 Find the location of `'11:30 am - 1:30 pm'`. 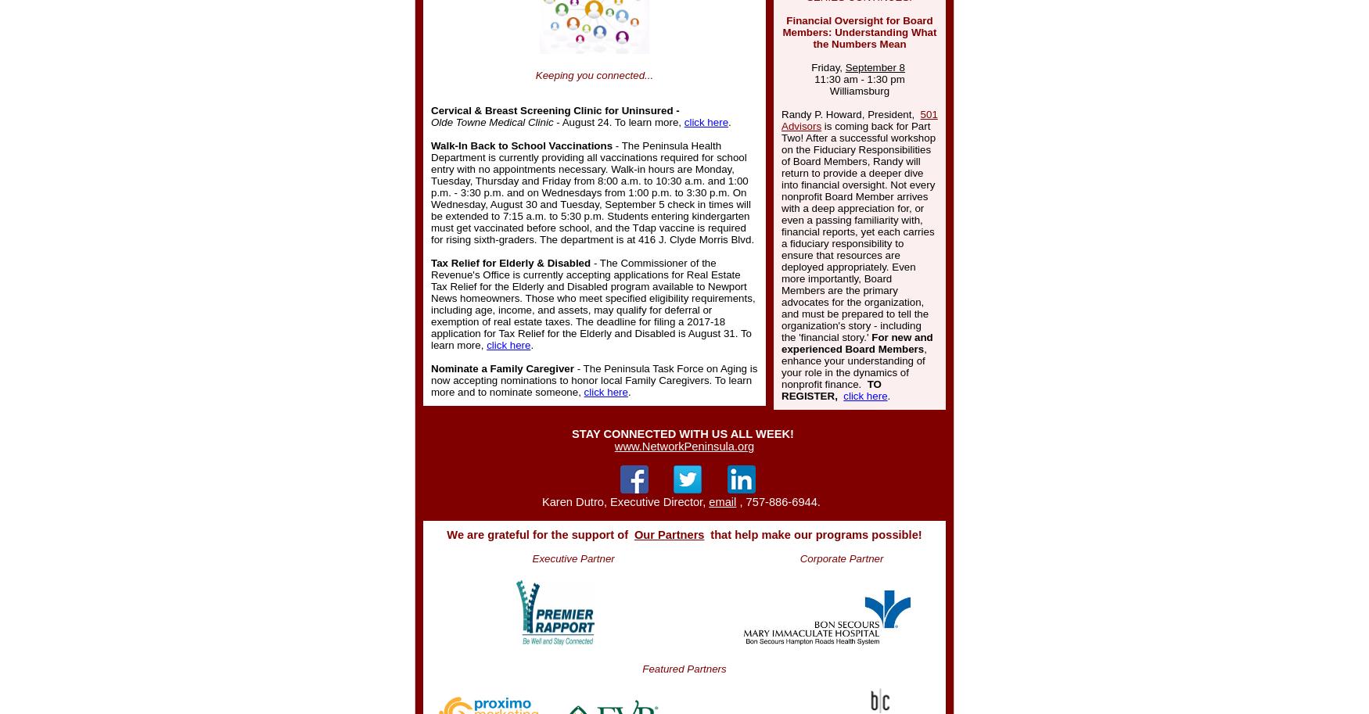

'11:30 am - 1:30 pm' is located at coordinates (859, 79).